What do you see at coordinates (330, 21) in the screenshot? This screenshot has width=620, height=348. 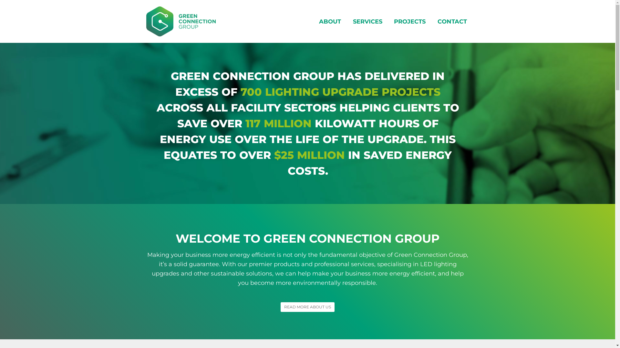 I see `'ABOUT'` at bounding box center [330, 21].